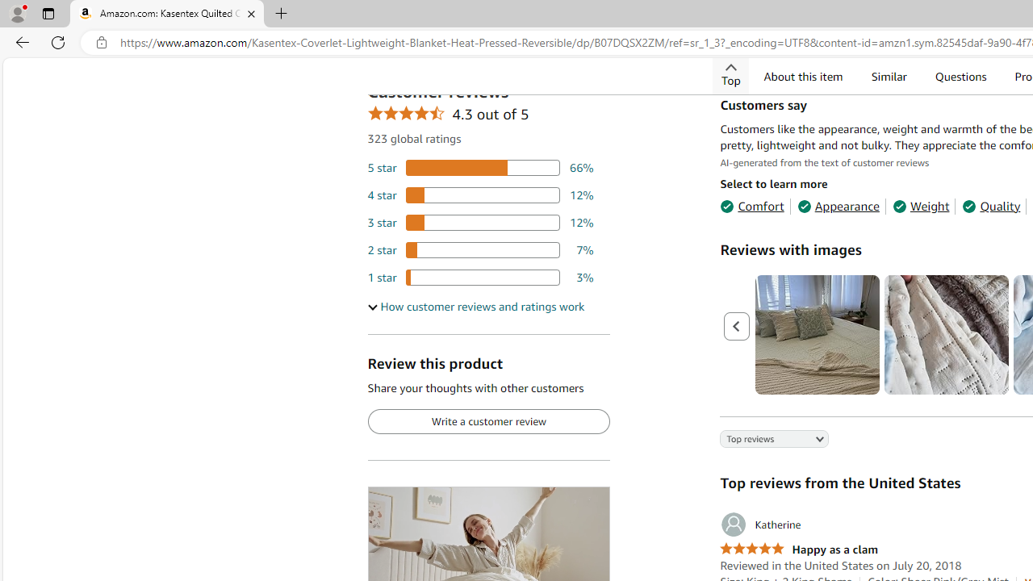  What do you see at coordinates (751, 205) in the screenshot?
I see `'Comfort'` at bounding box center [751, 205].